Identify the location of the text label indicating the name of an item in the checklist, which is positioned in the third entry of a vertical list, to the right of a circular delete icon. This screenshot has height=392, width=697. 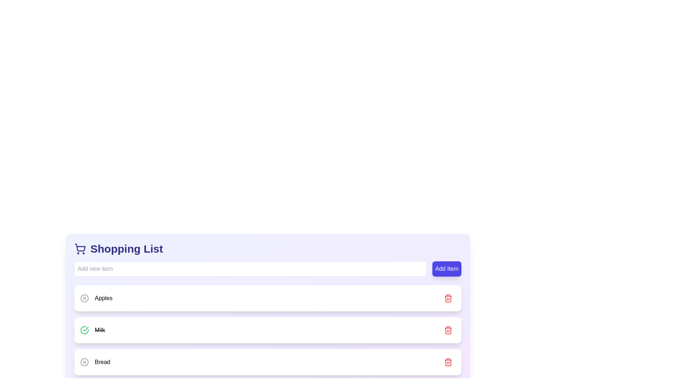
(102, 362).